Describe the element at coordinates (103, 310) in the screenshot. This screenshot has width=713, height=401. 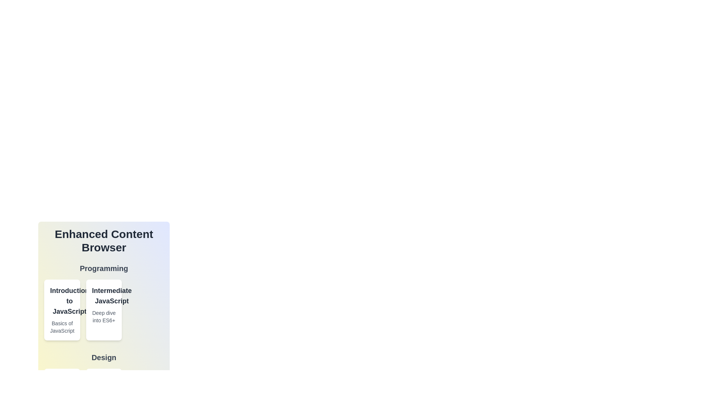
I see `the card titled 'Intermediate JavaScript'` at that location.